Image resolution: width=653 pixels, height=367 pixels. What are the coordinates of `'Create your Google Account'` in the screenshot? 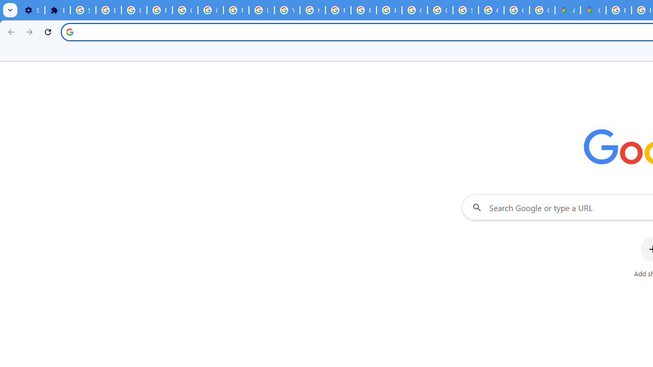 It's located at (542, 10).